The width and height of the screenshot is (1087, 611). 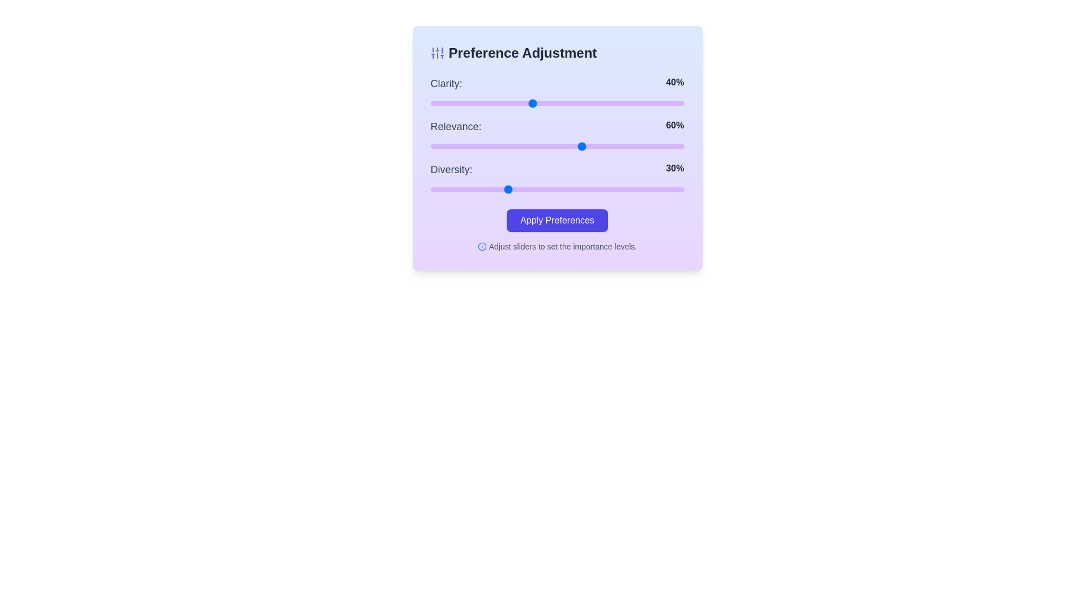 I want to click on the 0 slider to 33%, so click(x=513, y=103).